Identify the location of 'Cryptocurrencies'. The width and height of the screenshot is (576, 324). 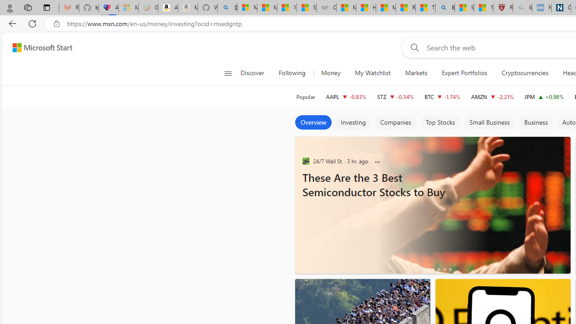
(525, 73).